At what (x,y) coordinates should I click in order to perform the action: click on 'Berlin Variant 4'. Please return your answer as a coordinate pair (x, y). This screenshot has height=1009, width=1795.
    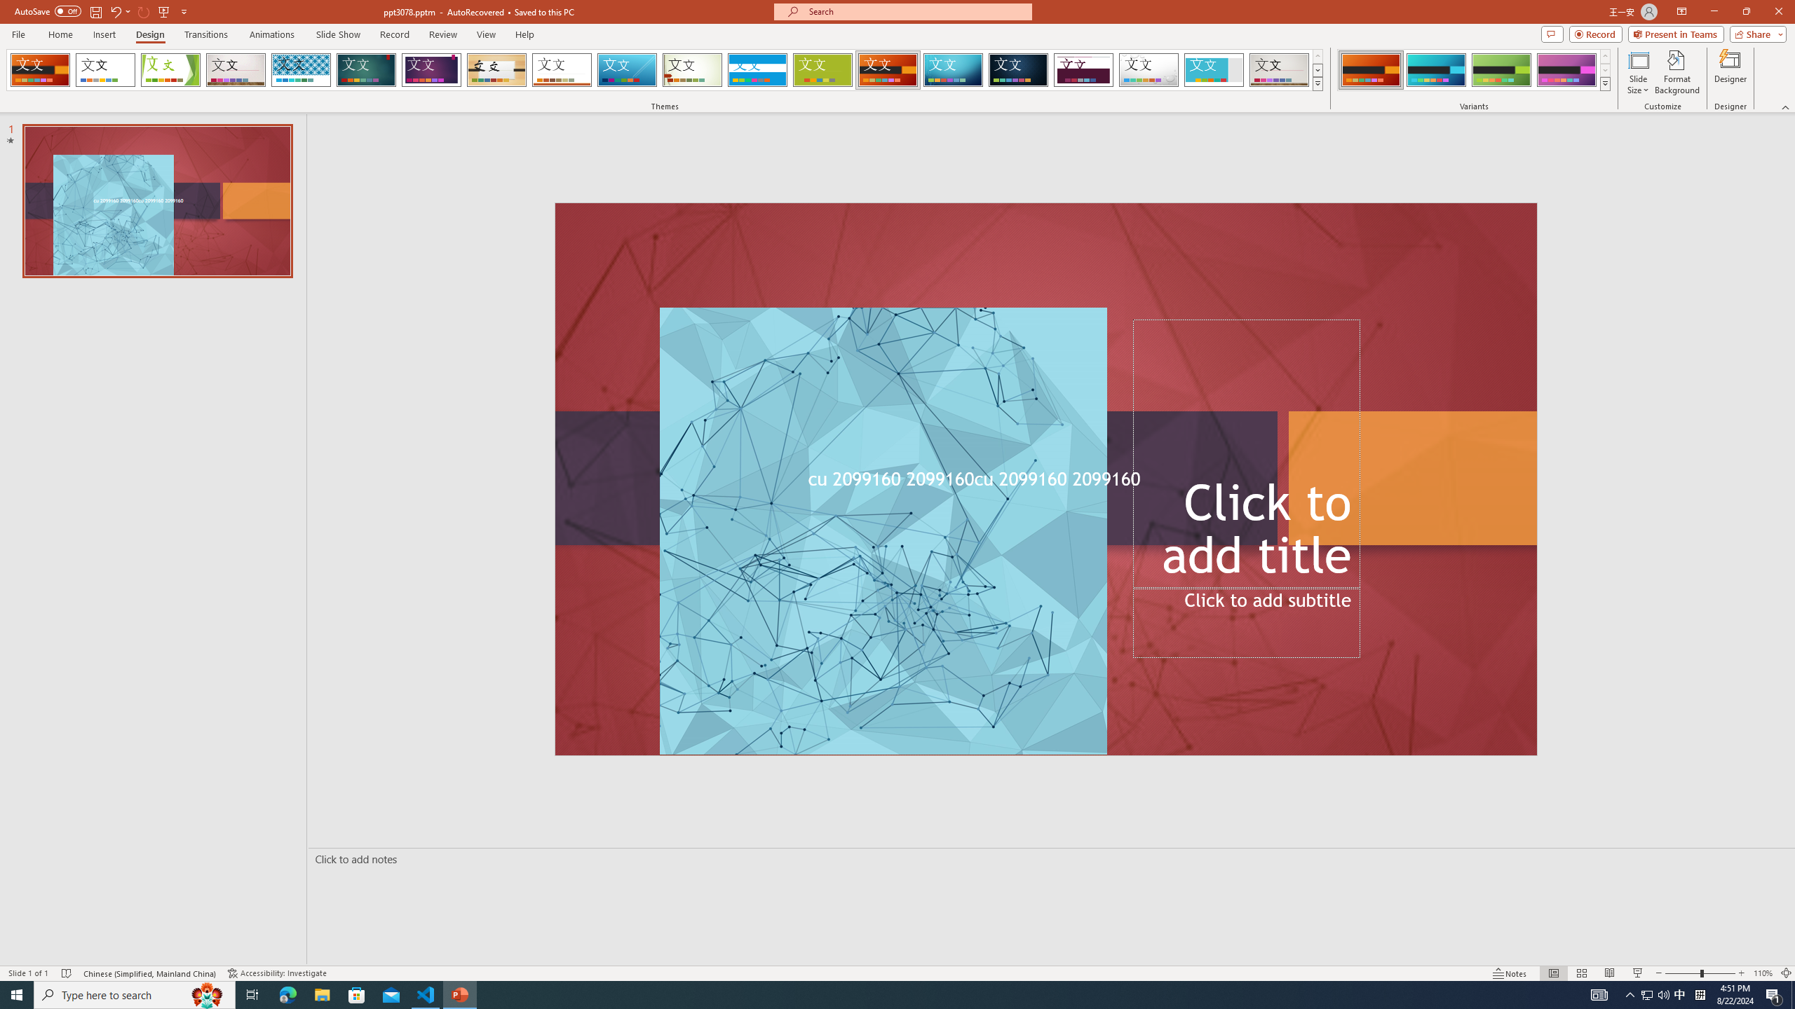
    Looking at the image, I should click on (1566, 69).